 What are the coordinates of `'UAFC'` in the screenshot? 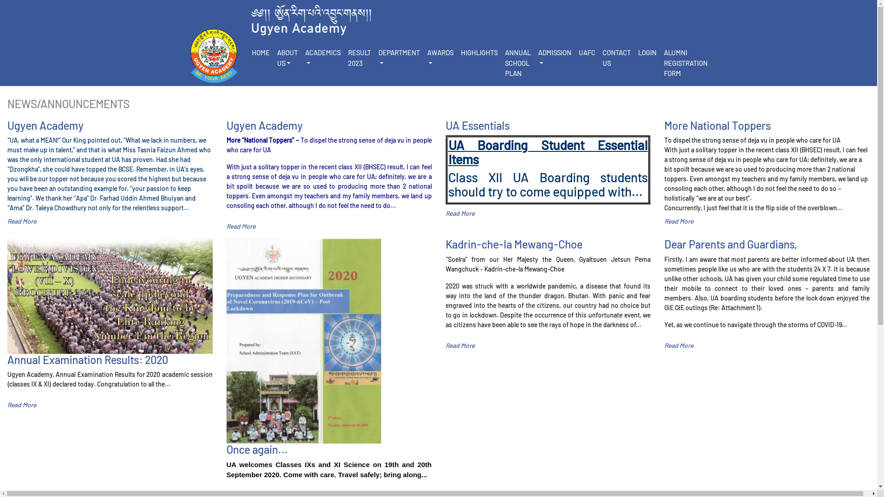 It's located at (574, 52).